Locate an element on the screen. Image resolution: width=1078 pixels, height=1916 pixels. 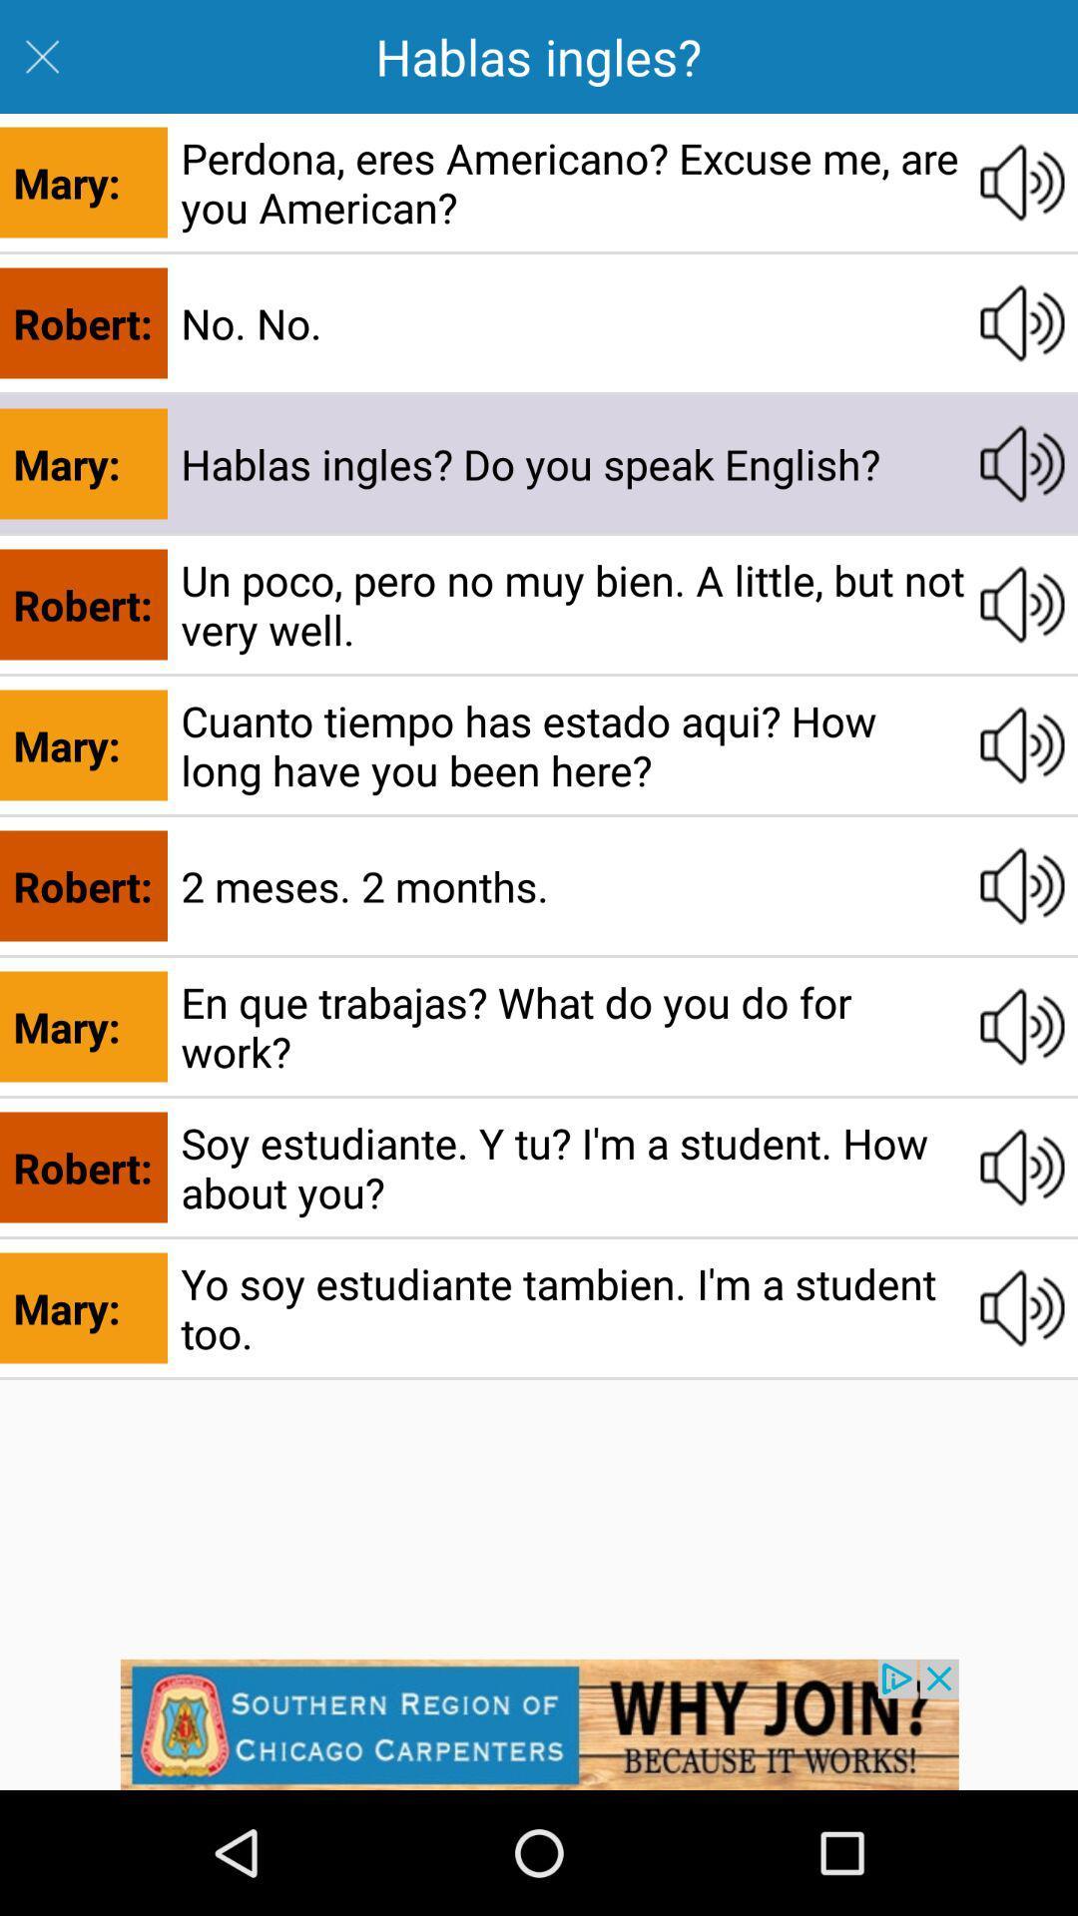
click volume button is located at coordinates (1022, 463).